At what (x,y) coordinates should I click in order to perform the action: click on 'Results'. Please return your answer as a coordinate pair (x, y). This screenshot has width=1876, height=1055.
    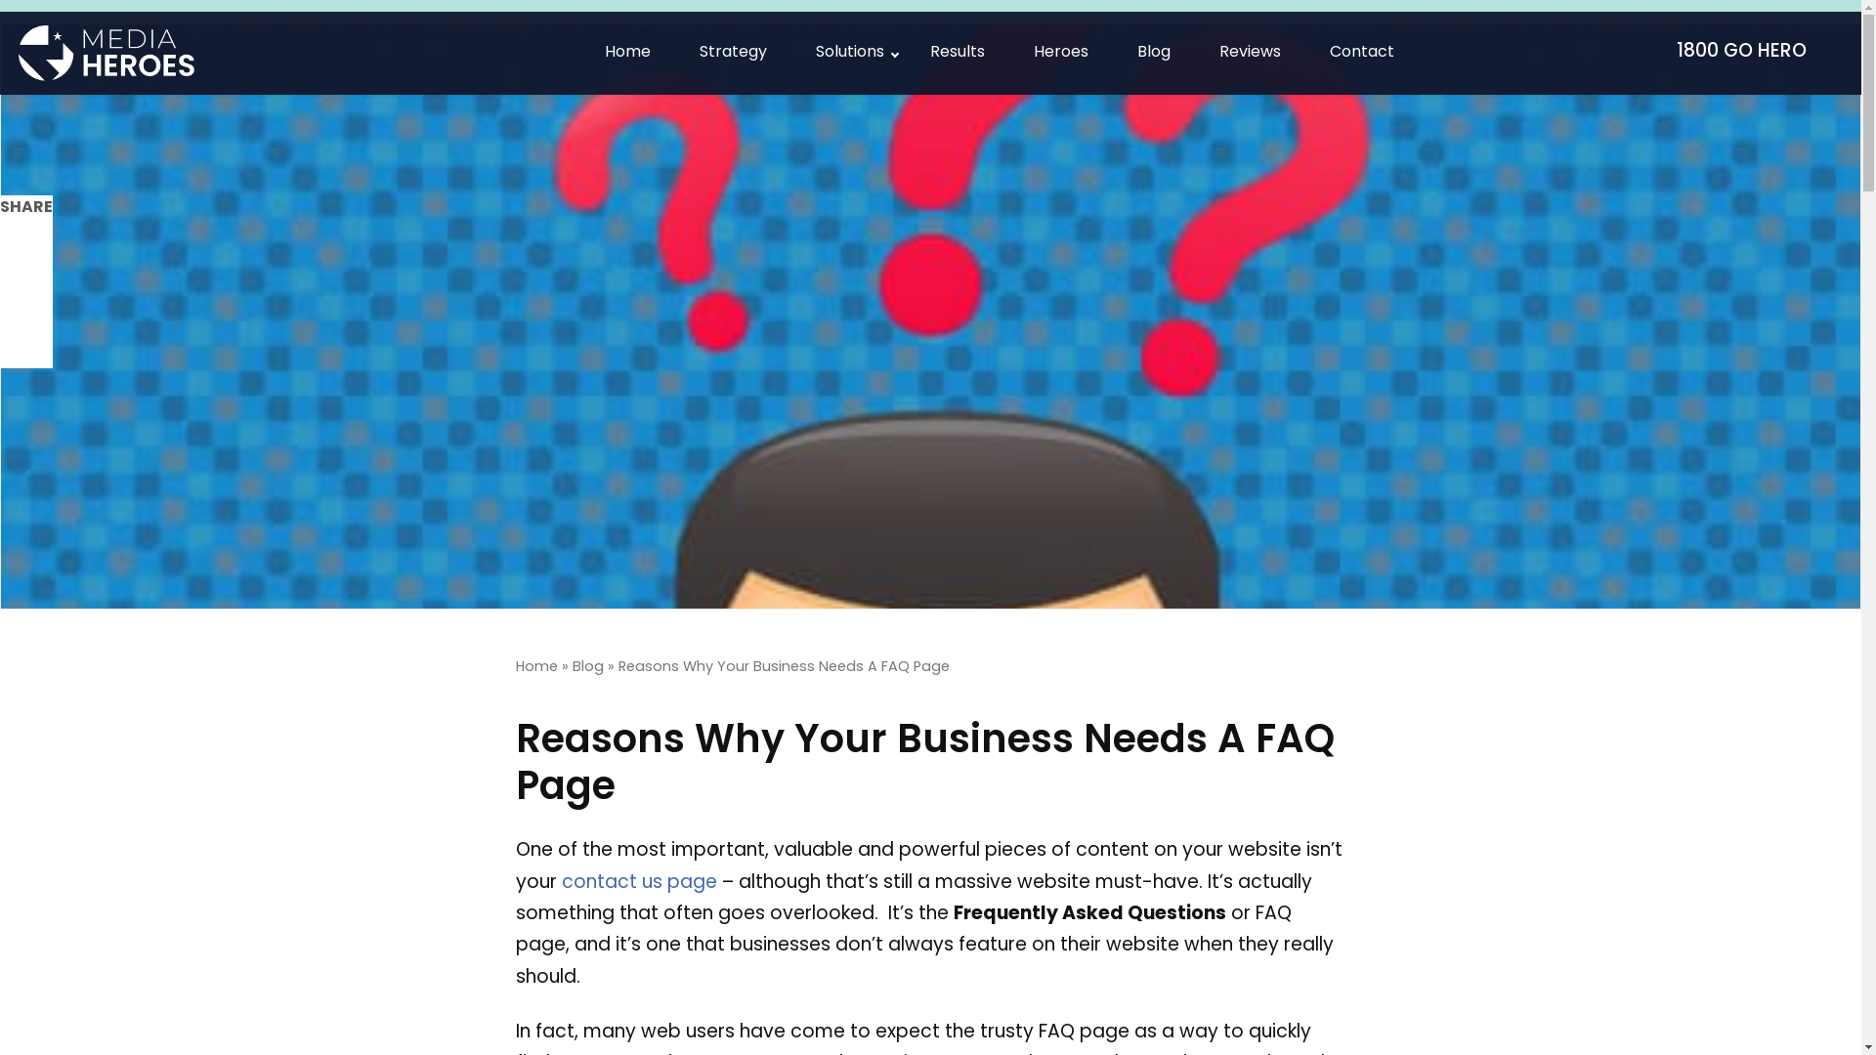
    Looking at the image, I should click on (957, 52).